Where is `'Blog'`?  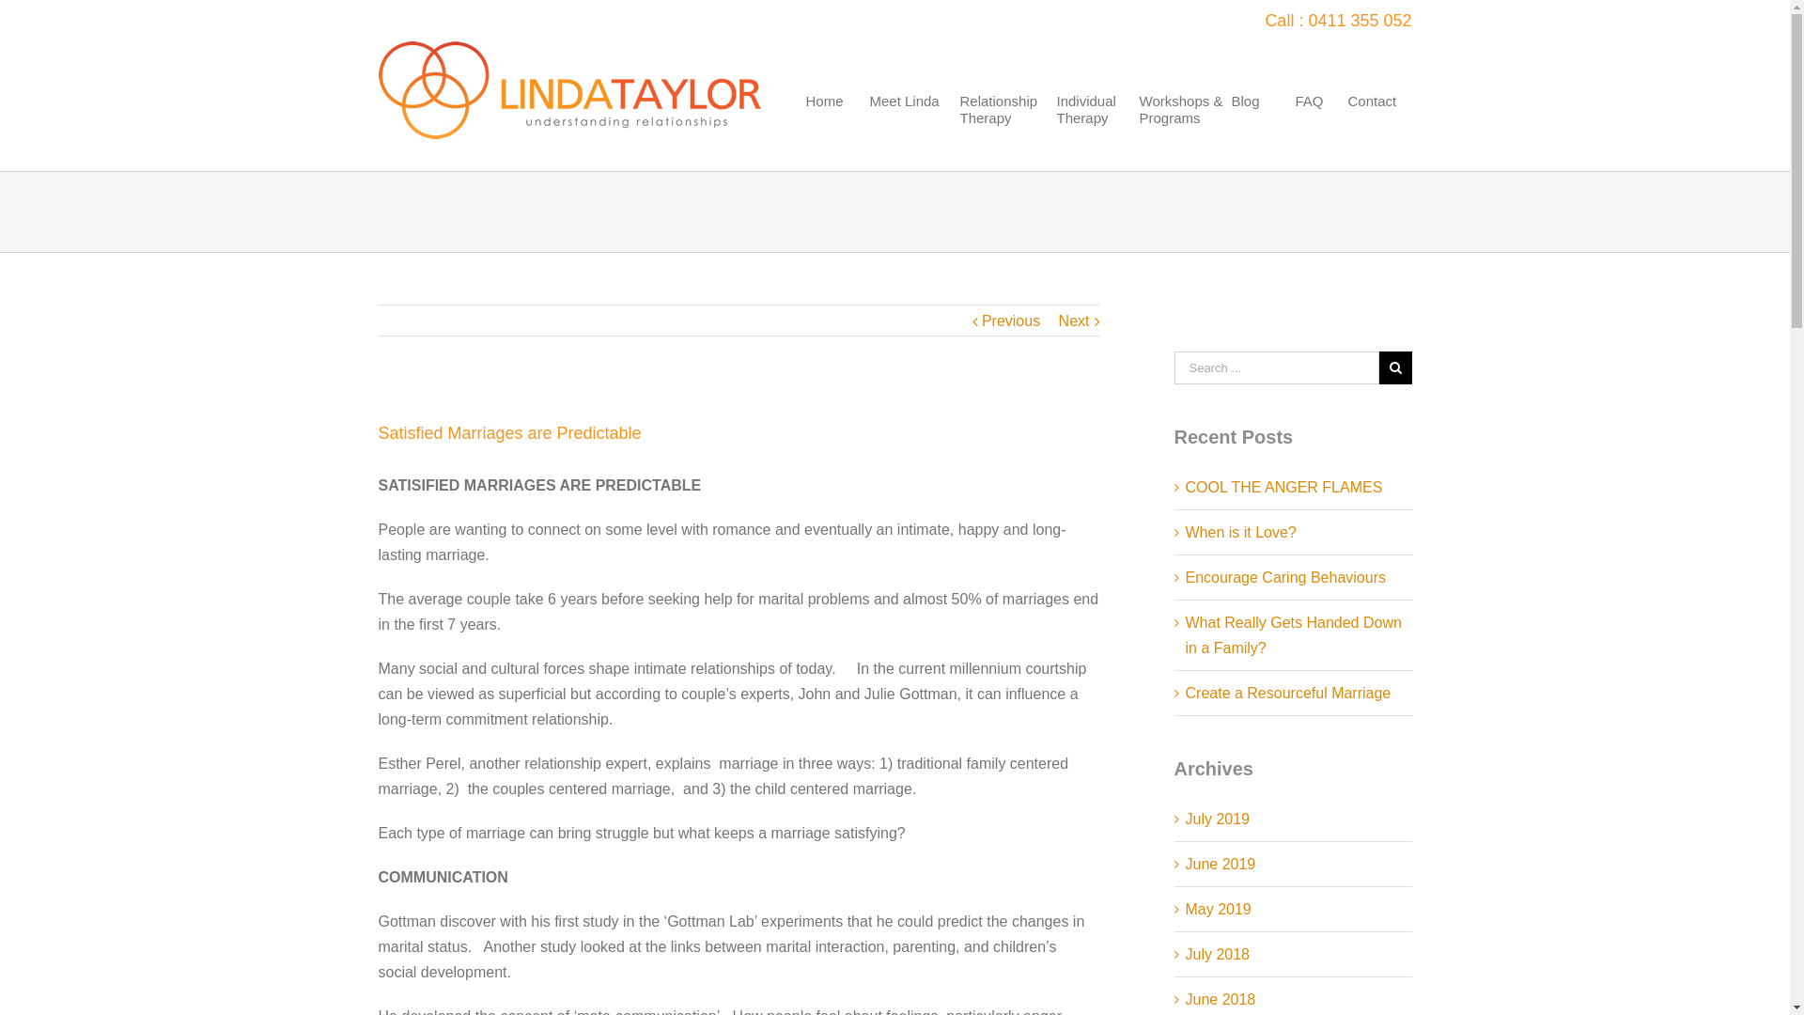 'Blog' is located at coordinates (1231, 131).